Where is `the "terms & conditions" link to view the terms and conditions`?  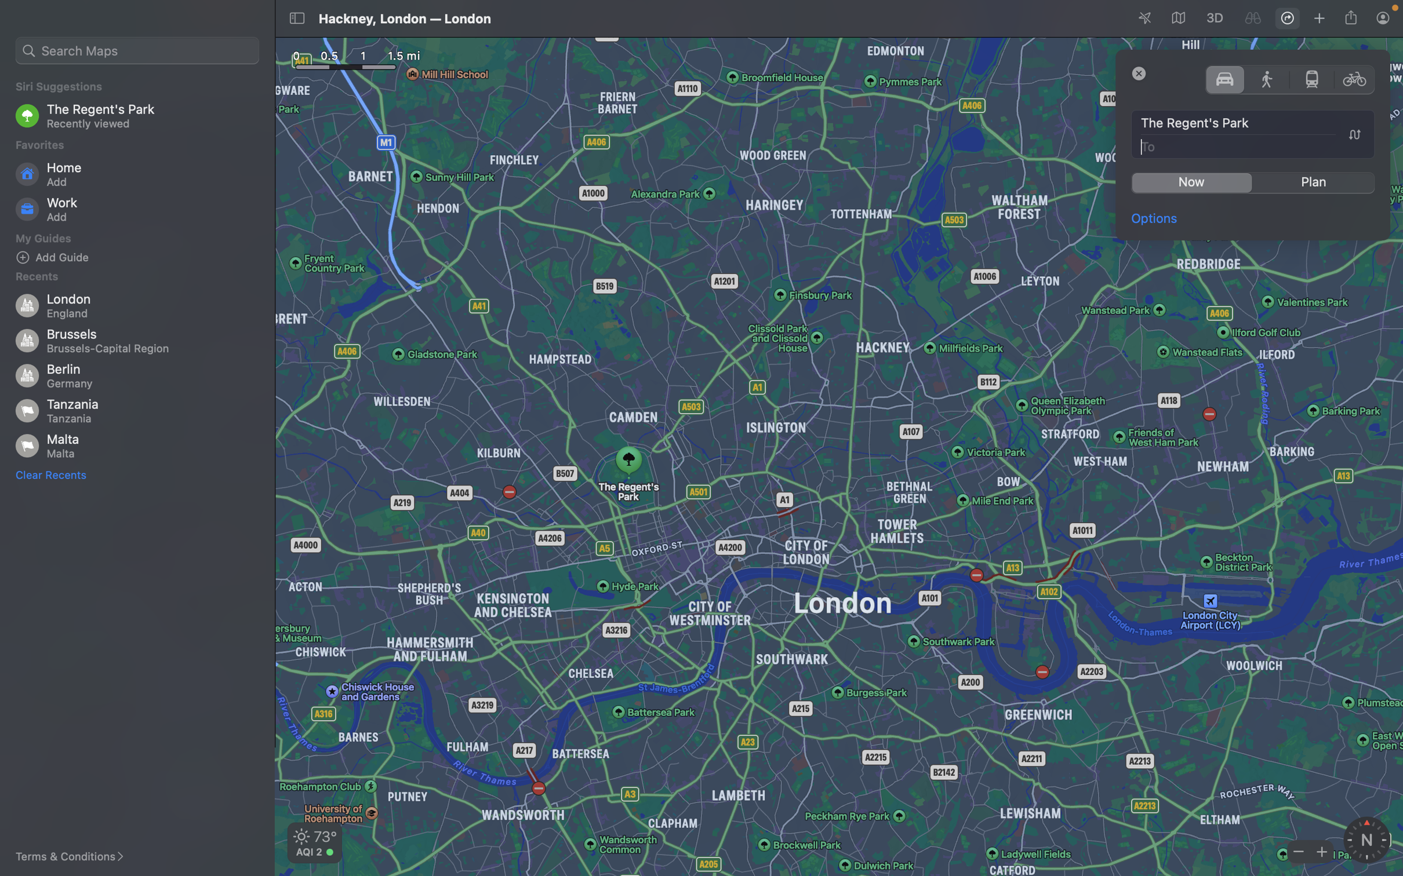 the "terms & conditions" link to view the terms and conditions is located at coordinates (77, 856).